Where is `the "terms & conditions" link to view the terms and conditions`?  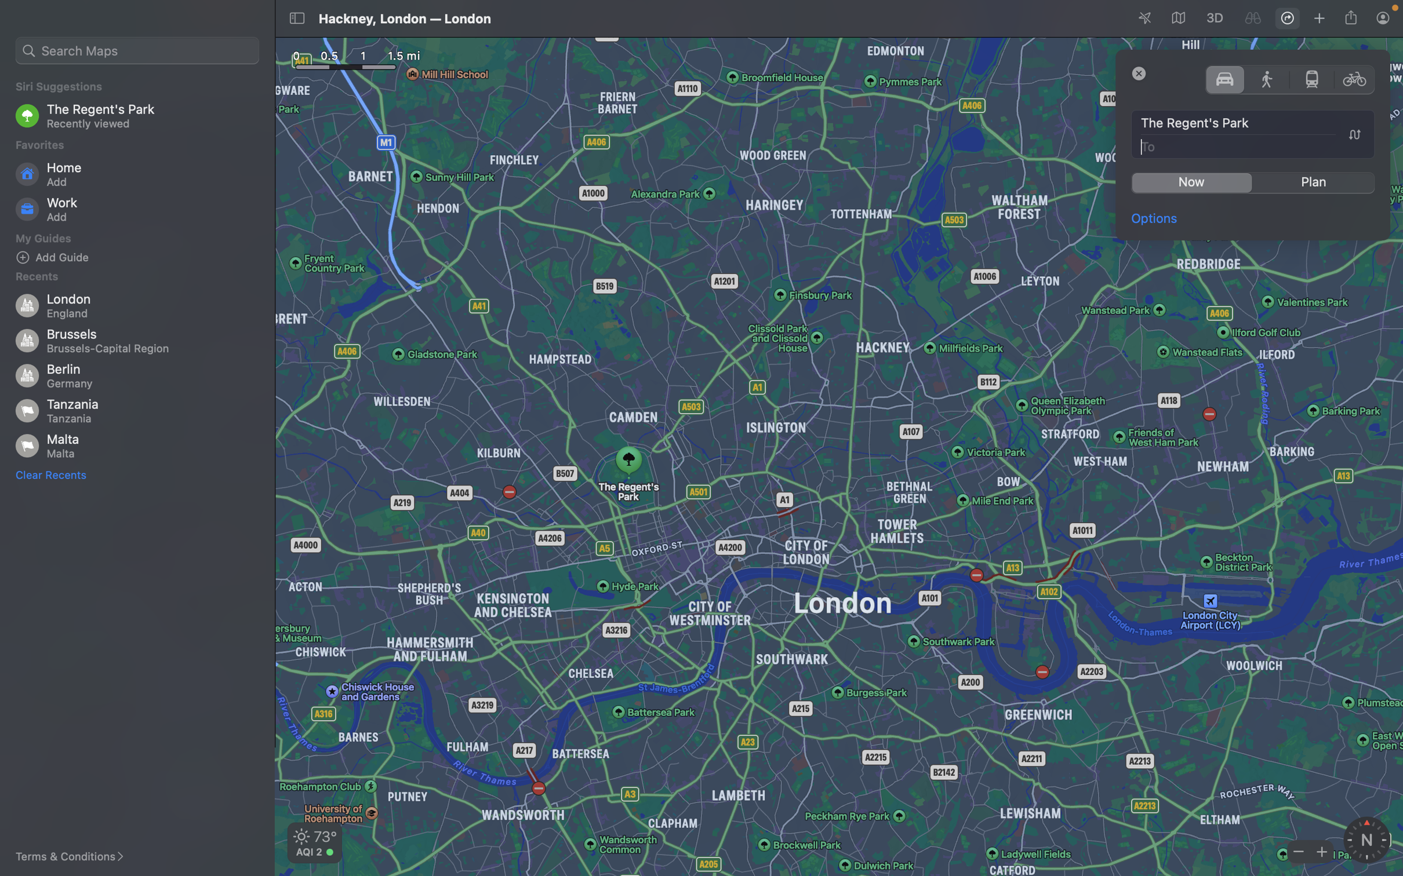 the "terms & conditions" link to view the terms and conditions is located at coordinates (77, 856).